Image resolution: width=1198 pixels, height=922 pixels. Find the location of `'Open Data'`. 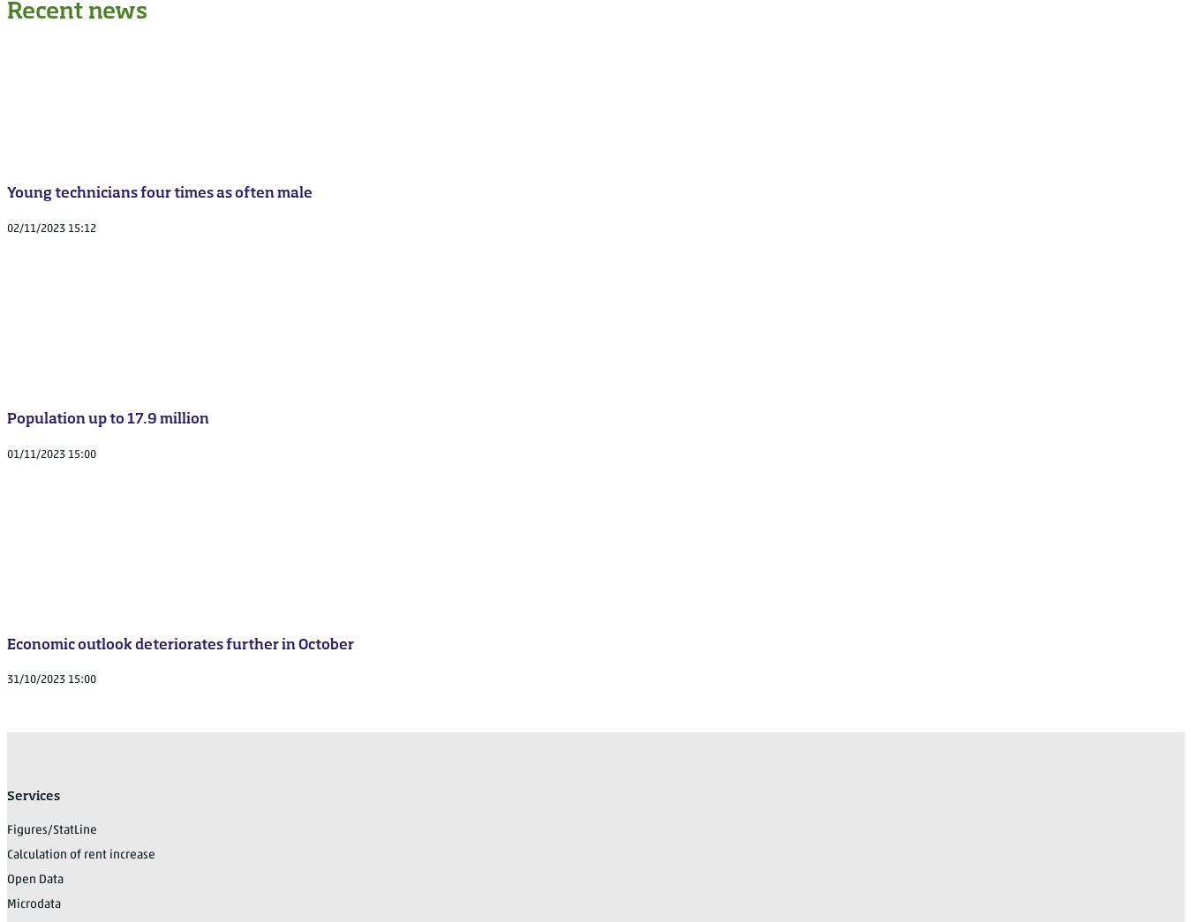

'Open Data' is located at coordinates (34, 880).